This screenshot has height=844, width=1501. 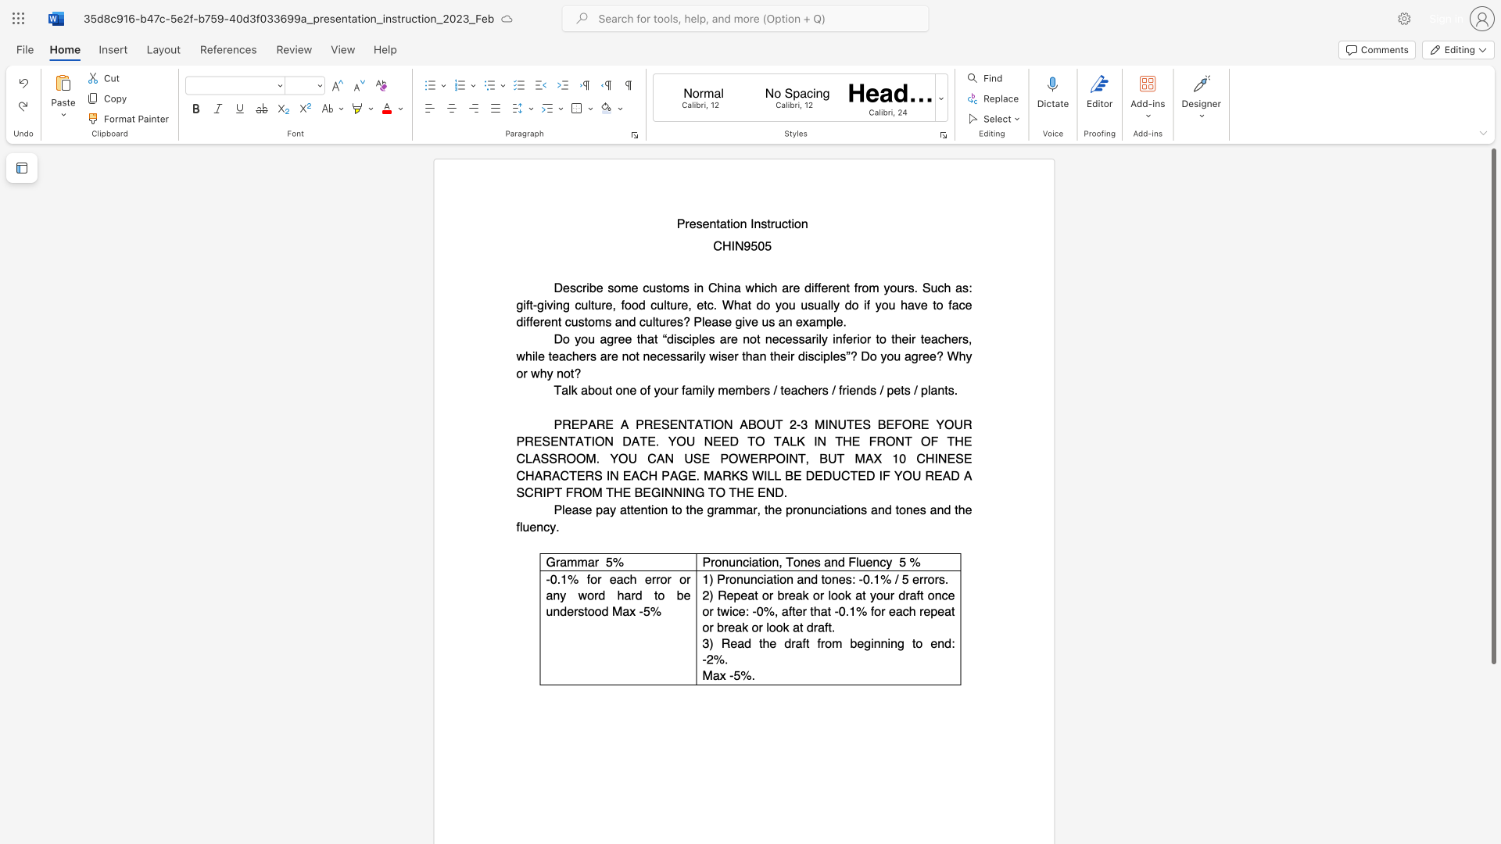 What do you see at coordinates (869, 578) in the screenshot?
I see `the subset text ".1% /" within the text "1) Pronunciation and tones: -0.1% / 5 errors."` at bounding box center [869, 578].